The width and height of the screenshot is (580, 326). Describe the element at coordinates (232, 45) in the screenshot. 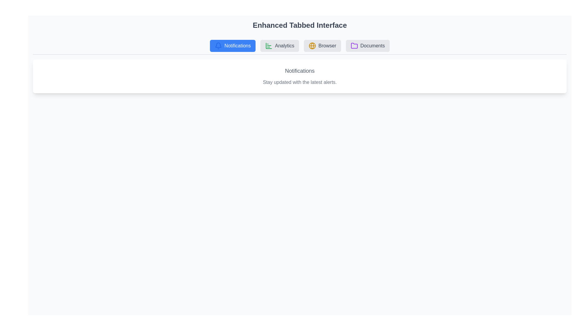

I see `the active 'Notifications' tab to confirm interaction` at that location.